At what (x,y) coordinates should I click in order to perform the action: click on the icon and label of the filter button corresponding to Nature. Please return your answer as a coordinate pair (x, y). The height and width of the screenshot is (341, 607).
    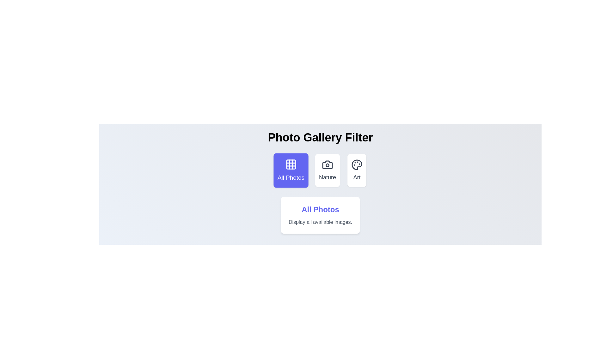
    Looking at the image, I should click on (328, 170).